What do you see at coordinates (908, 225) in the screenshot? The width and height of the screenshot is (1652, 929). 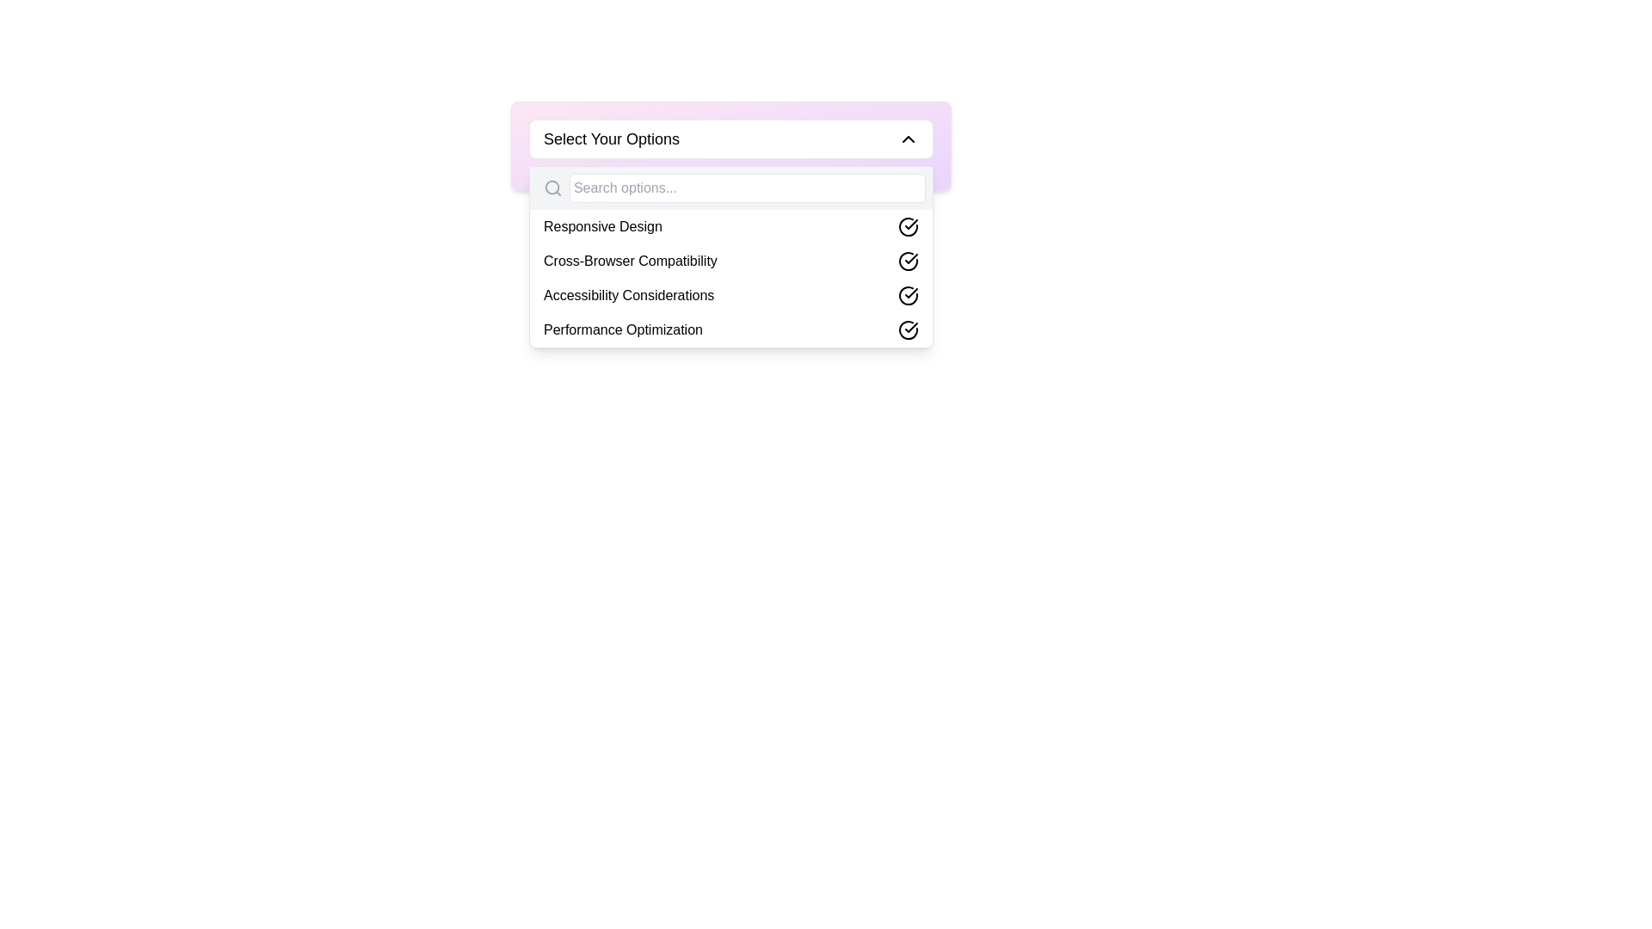 I see `the checkbox-like icon with a checkmark inside, located to the far-right of the 'Responsive Design' text in the dropdown options` at bounding box center [908, 225].